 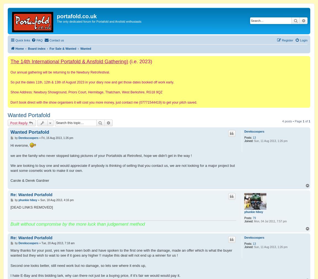 What do you see at coordinates (69, 61) in the screenshot?
I see `'The 14th International Portafold & Ansfold Gathering)'` at bounding box center [69, 61].